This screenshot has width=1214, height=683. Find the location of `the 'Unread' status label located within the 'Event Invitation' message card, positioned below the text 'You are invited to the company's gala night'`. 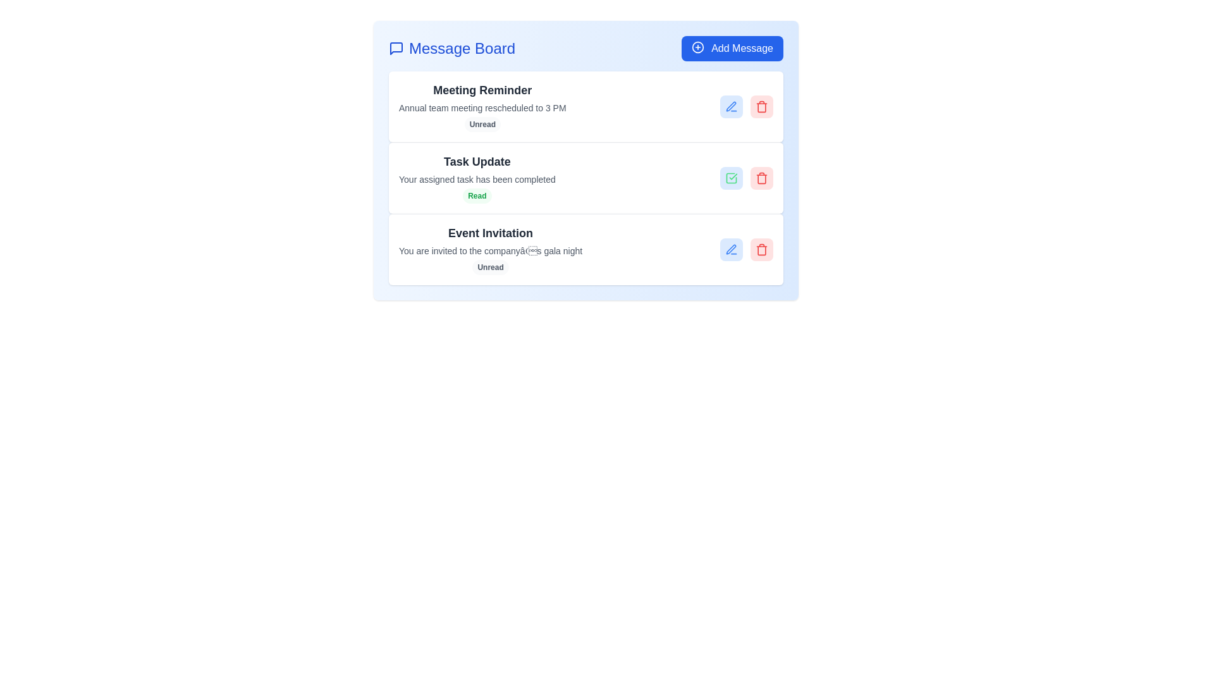

the 'Unread' status label located within the 'Event Invitation' message card, positioned below the text 'You are invited to the company's gala night' is located at coordinates (490, 267).